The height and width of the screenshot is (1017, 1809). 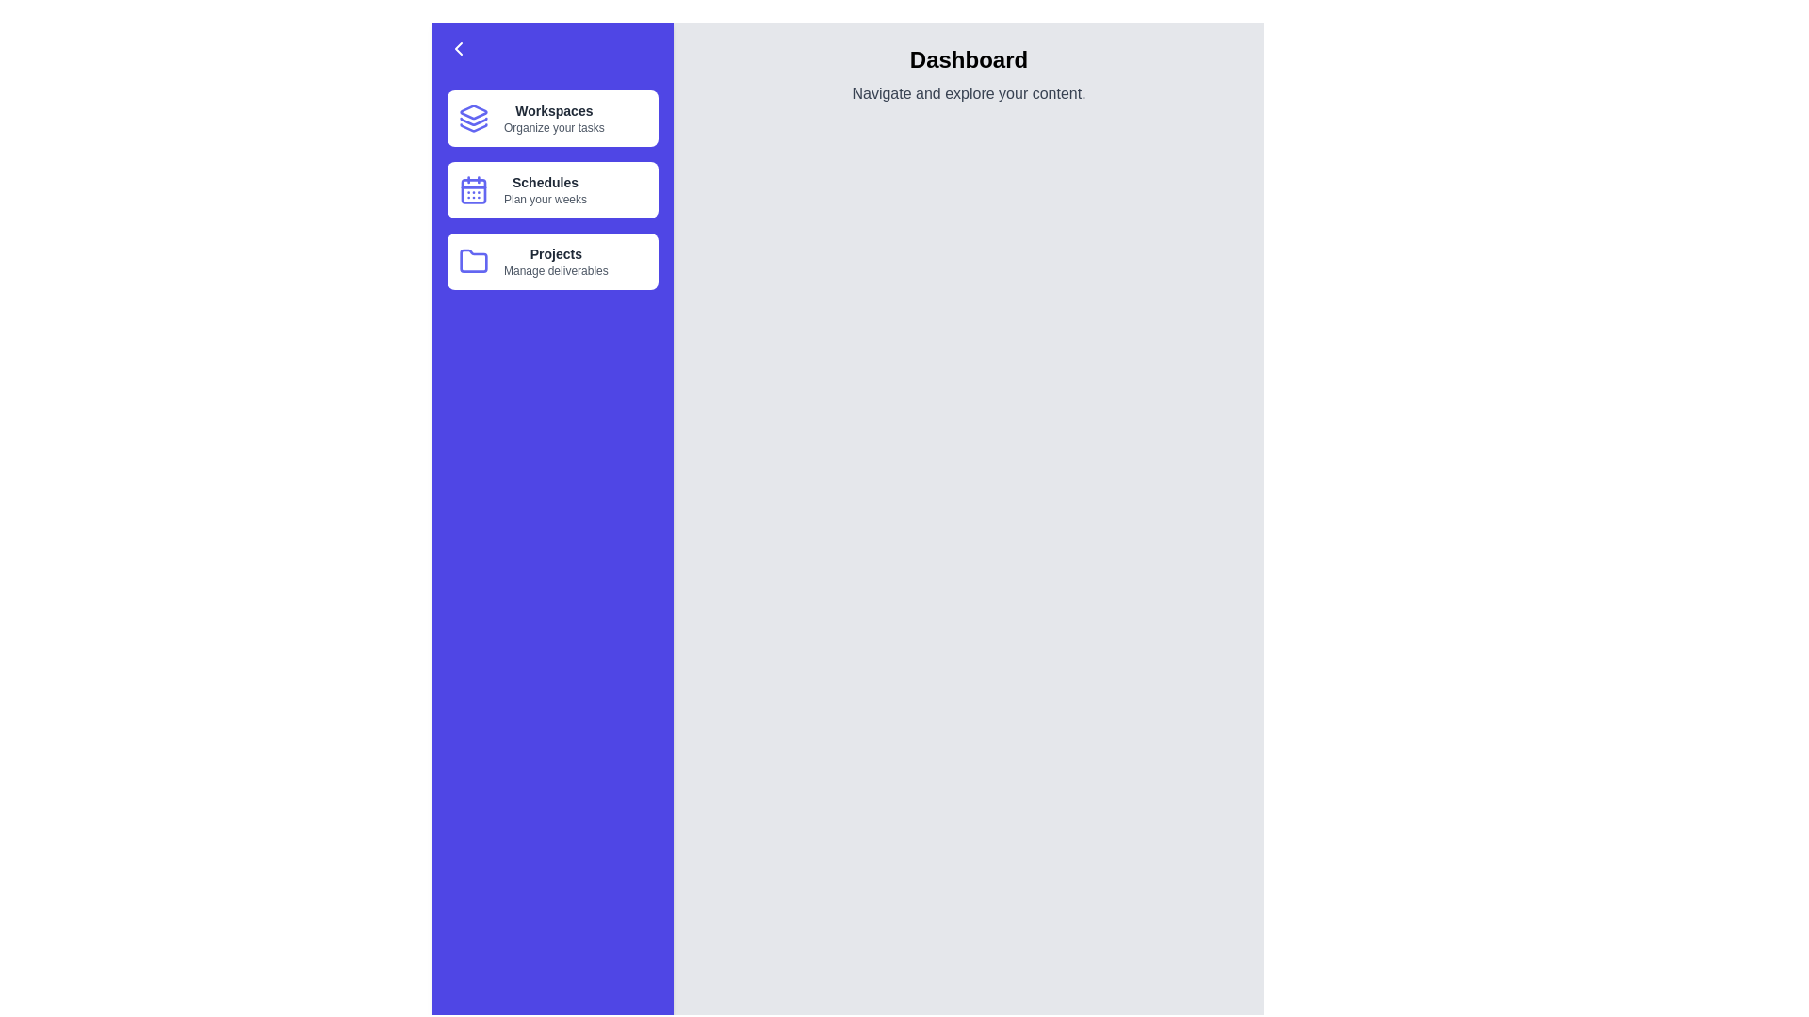 I want to click on toggle button at the top of the navigation drawer to toggle its state, so click(x=551, y=47).